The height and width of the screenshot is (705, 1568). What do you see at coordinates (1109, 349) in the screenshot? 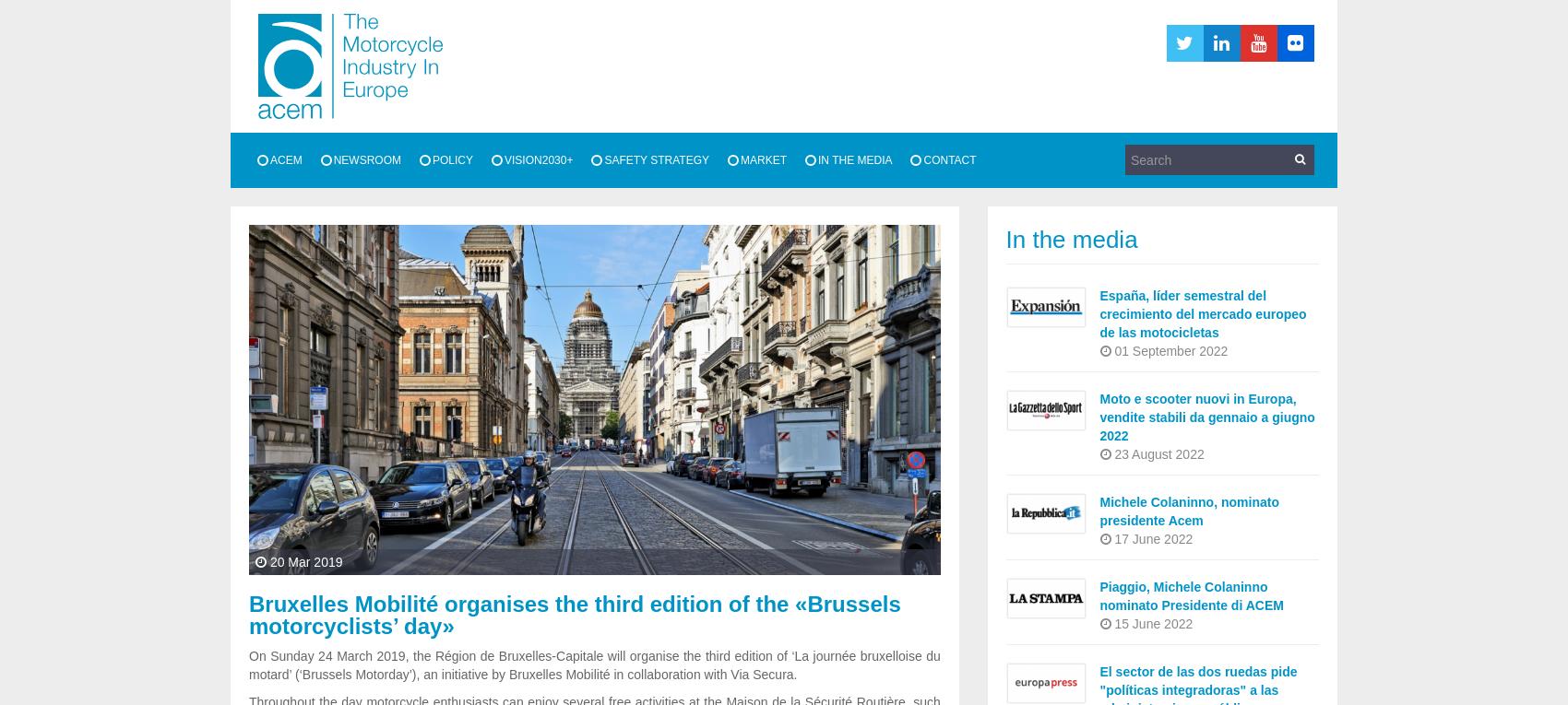
I see `'01 September 2022'` at bounding box center [1109, 349].